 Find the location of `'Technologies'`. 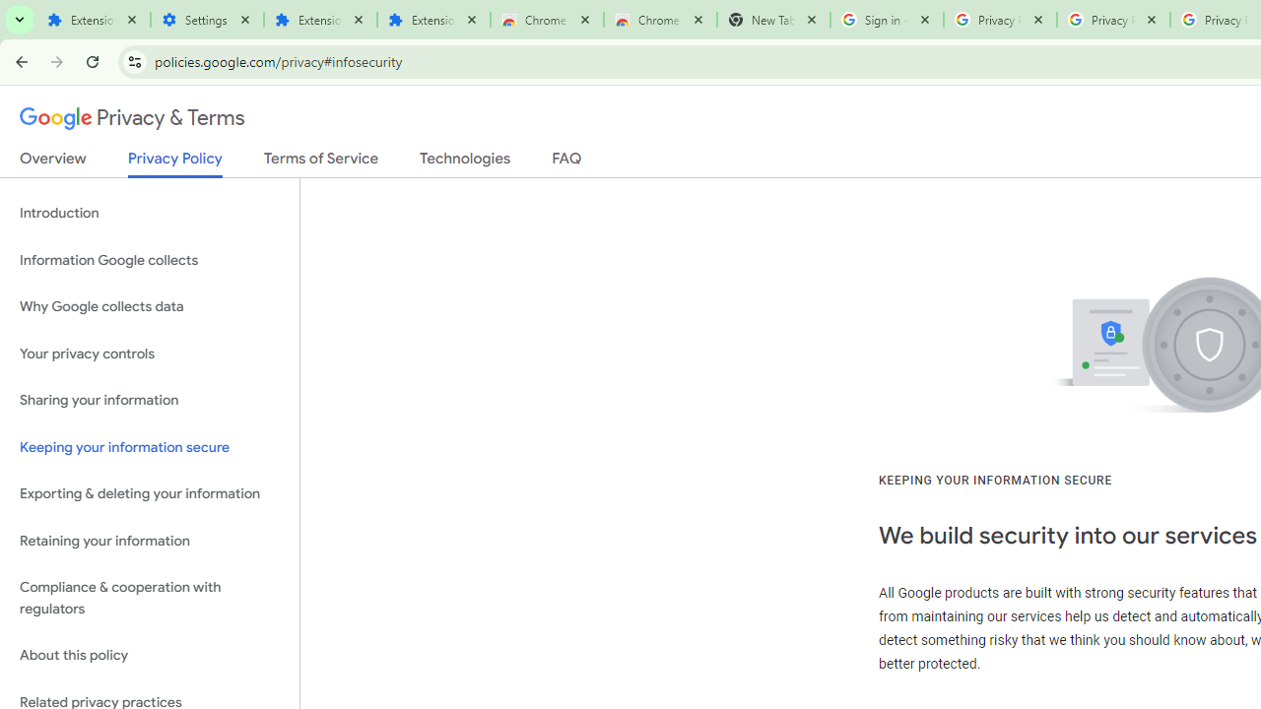

'Technologies' is located at coordinates (464, 161).